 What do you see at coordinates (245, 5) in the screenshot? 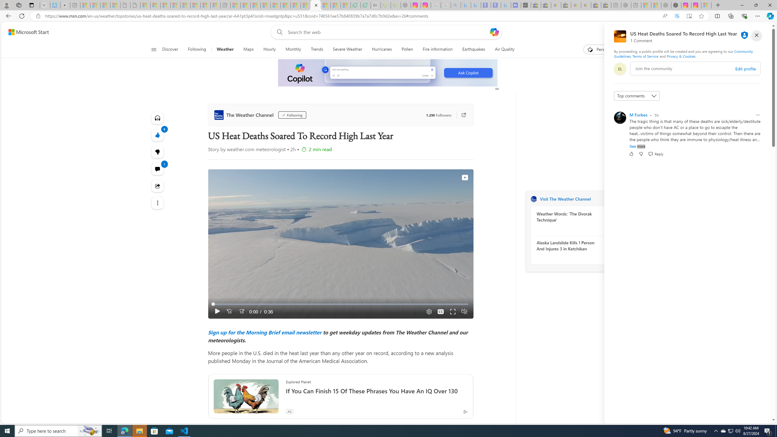
I see `'Marine life - MSN - Sleeping'` at bounding box center [245, 5].